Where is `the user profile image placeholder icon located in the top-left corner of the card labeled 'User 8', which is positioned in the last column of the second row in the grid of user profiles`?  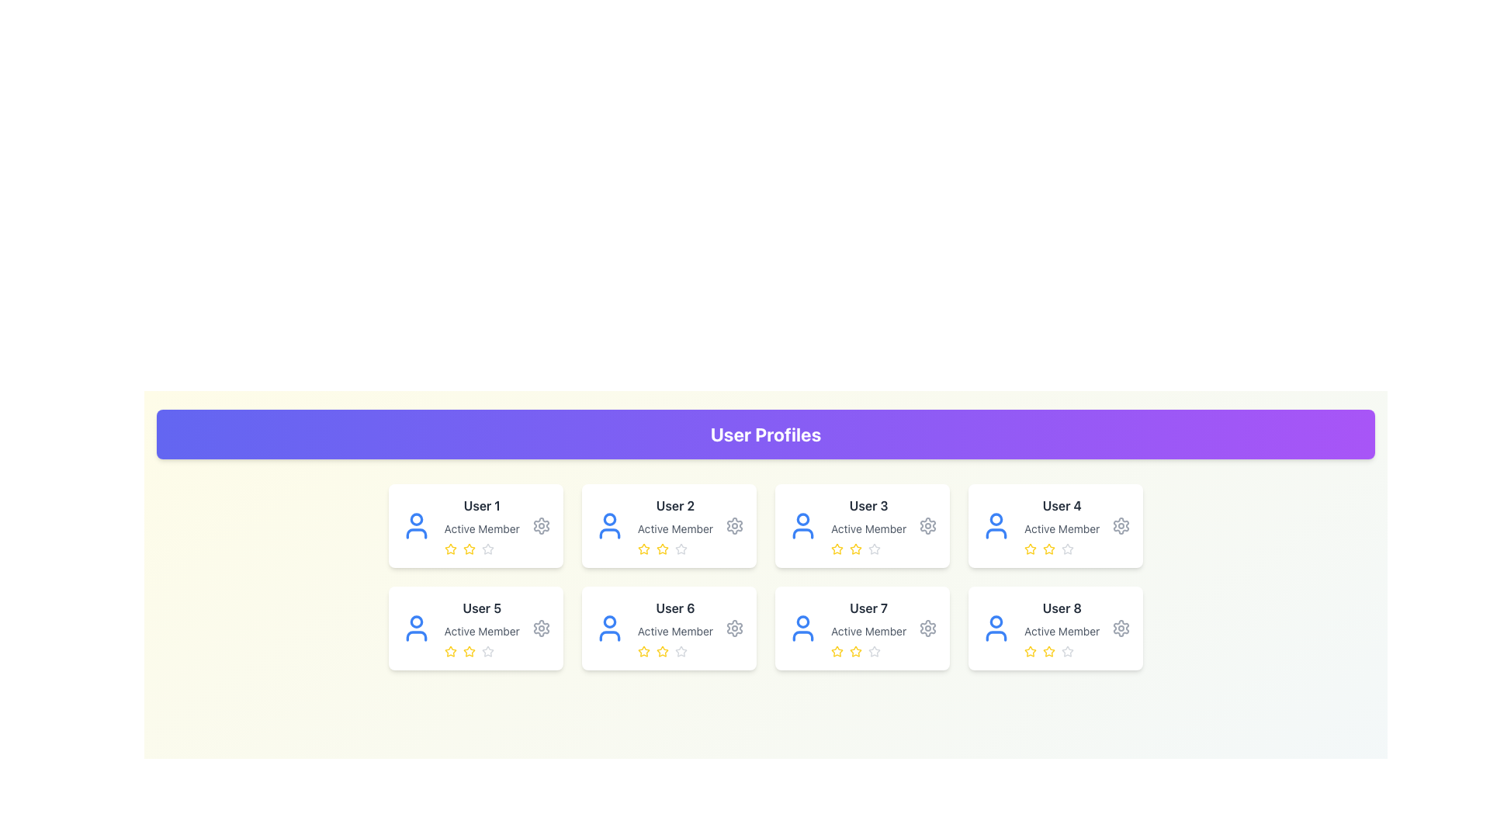
the user profile image placeholder icon located in the top-left corner of the card labeled 'User 8', which is positioned in the last column of the second row in the grid of user profiles is located at coordinates (996, 628).